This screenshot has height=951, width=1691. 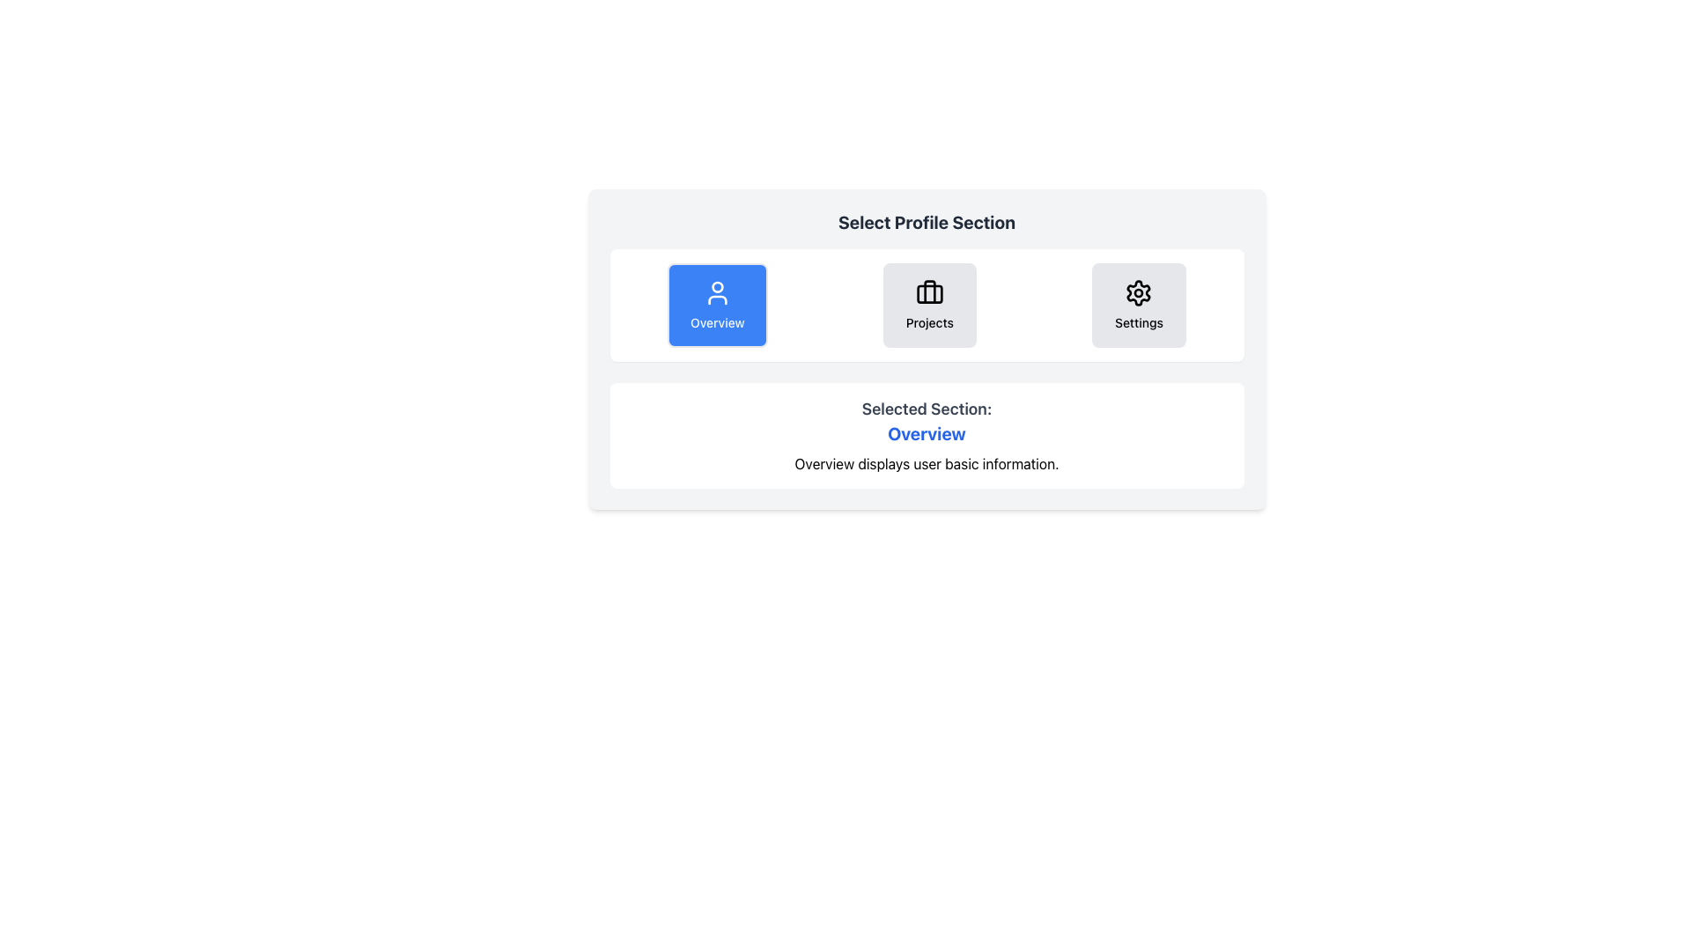 What do you see at coordinates (1139, 291) in the screenshot?
I see `the 'Settings' icon located in the rightmost column of the interface` at bounding box center [1139, 291].